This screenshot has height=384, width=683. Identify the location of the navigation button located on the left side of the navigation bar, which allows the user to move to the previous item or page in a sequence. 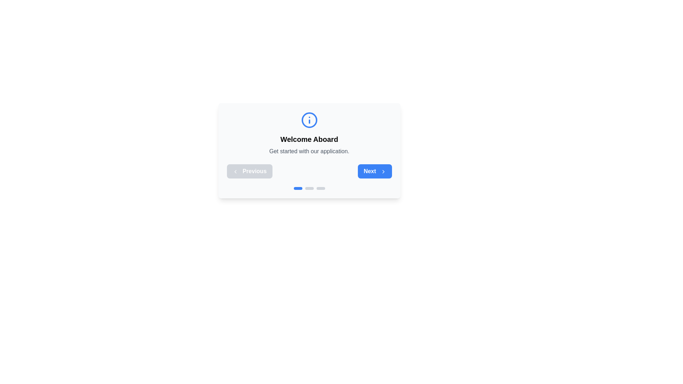
(249, 171).